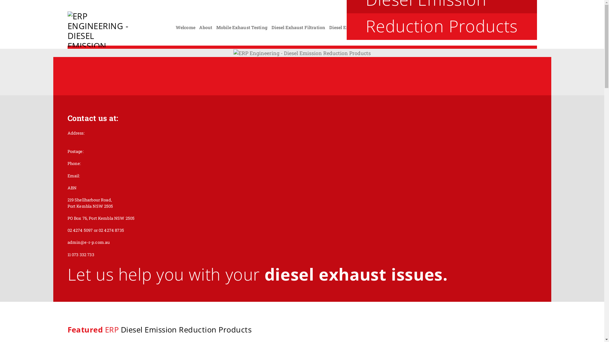 The width and height of the screenshot is (609, 342). What do you see at coordinates (407, 27) in the screenshot?
I see `'Diesel Test Rig'` at bounding box center [407, 27].